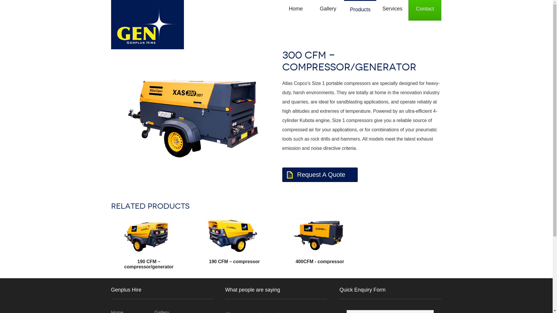 This screenshot has width=557, height=313. Describe the element at coordinates (323, 175) in the screenshot. I see `'Request A Quote'` at that location.